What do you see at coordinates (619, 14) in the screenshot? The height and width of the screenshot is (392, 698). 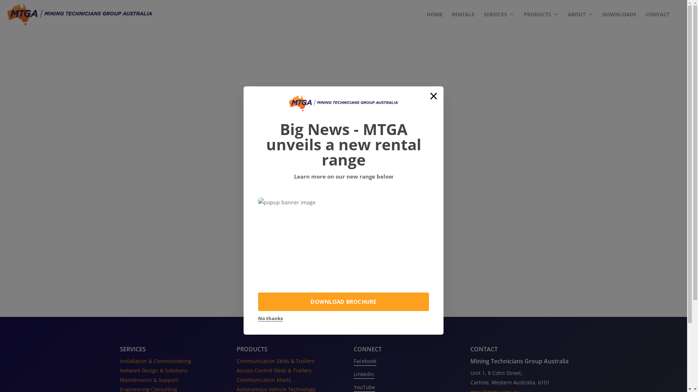 I see `'DOWNLOADS'` at bounding box center [619, 14].